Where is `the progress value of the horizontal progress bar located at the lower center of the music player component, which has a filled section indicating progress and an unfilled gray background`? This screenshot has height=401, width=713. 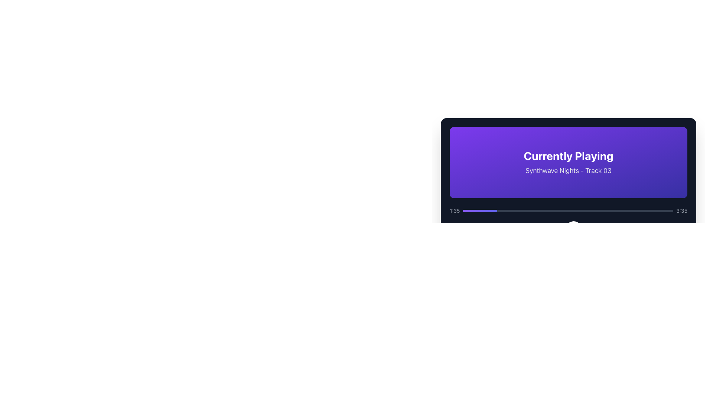 the progress value of the horizontal progress bar located at the lower center of the music player component, which has a filled section indicating progress and an unfilled gray background is located at coordinates (472, 229).